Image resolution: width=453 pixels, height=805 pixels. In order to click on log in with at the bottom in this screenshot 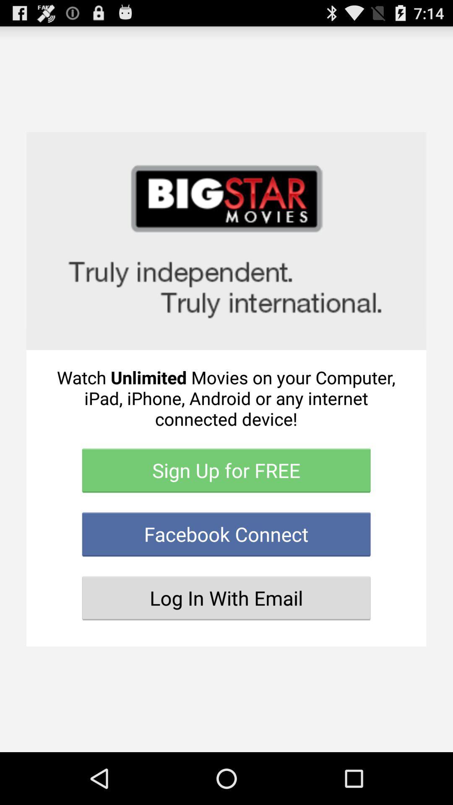, I will do `click(226, 597)`.